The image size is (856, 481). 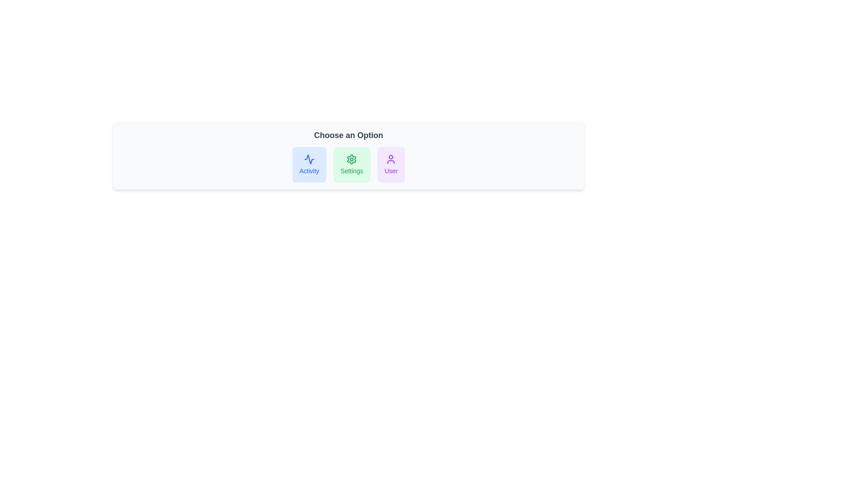 What do you see at coordinates (351, 165) in the screenshot?
I see `the settings button, which is the second button in a row of three, located under the title 'Choose an Option', to activate hover effects` at bounding box center [351, 165].